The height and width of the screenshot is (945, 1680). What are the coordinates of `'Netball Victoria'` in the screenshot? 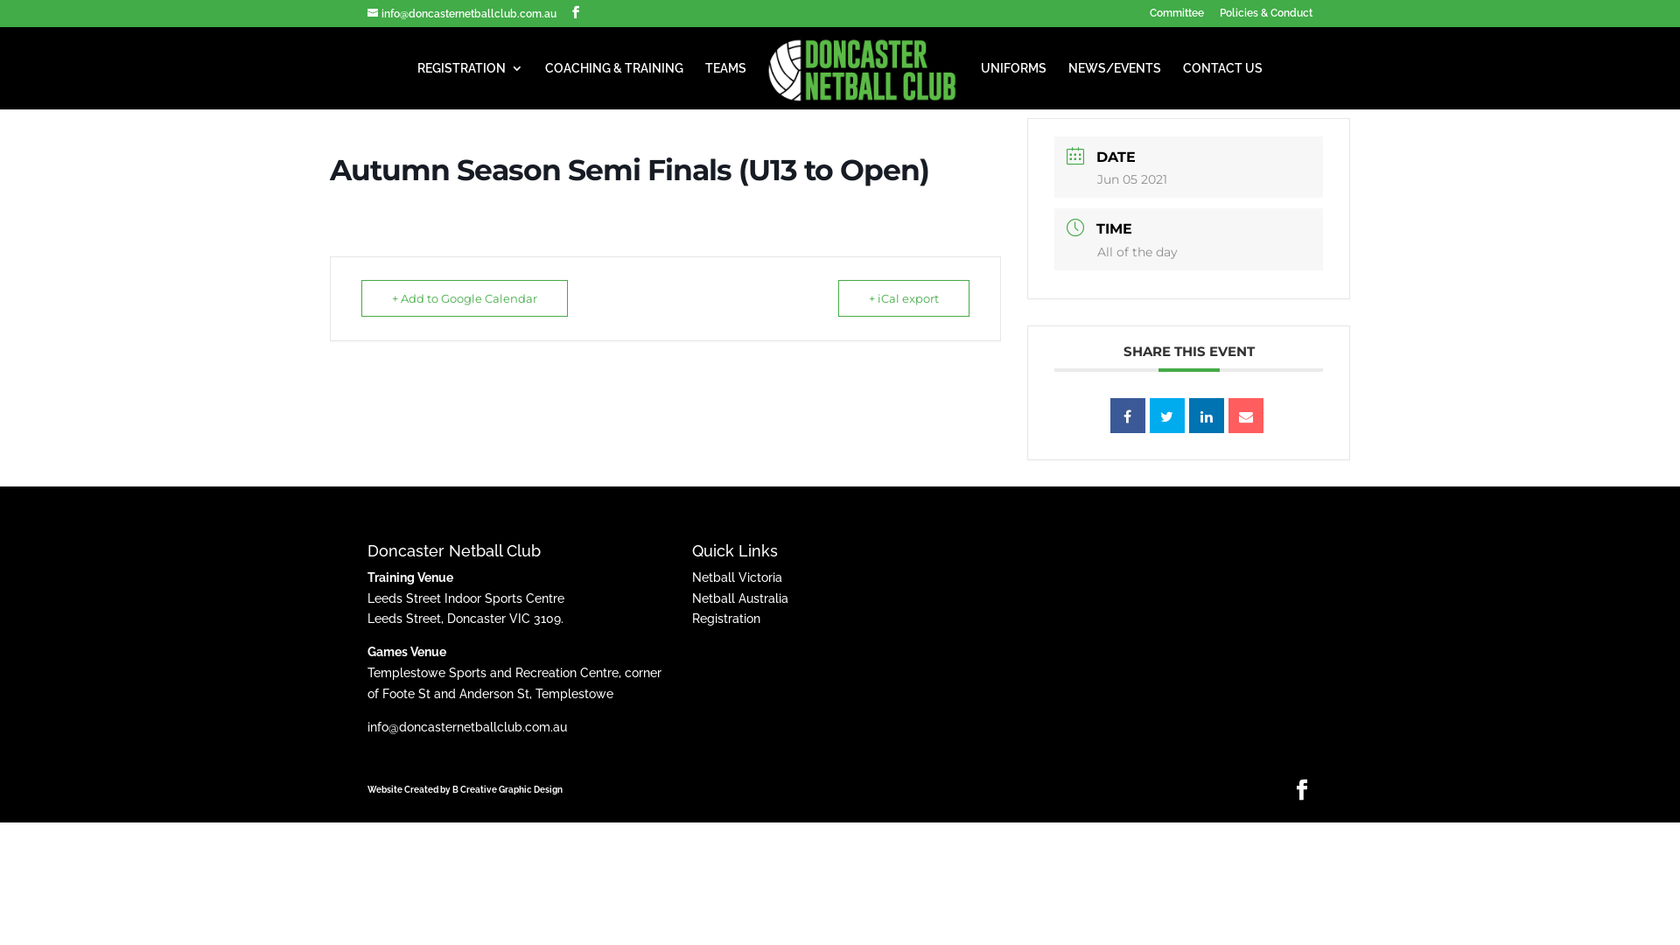 It's located at (737, 577).